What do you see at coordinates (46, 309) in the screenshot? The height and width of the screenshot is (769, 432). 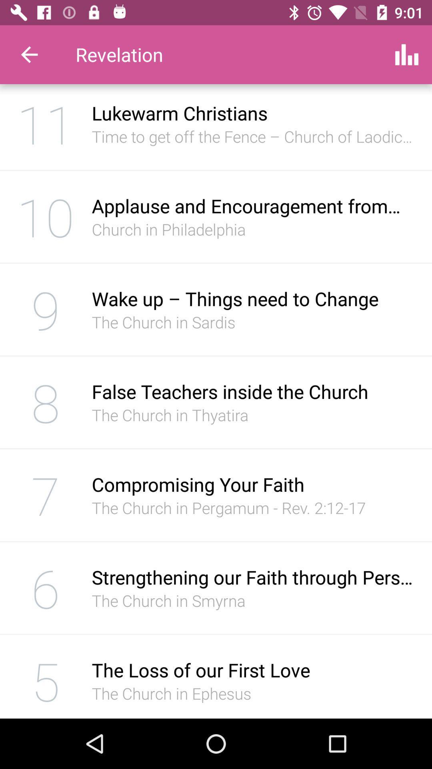 I see `item next to the wake up things item` at bounding box center [46, 309].